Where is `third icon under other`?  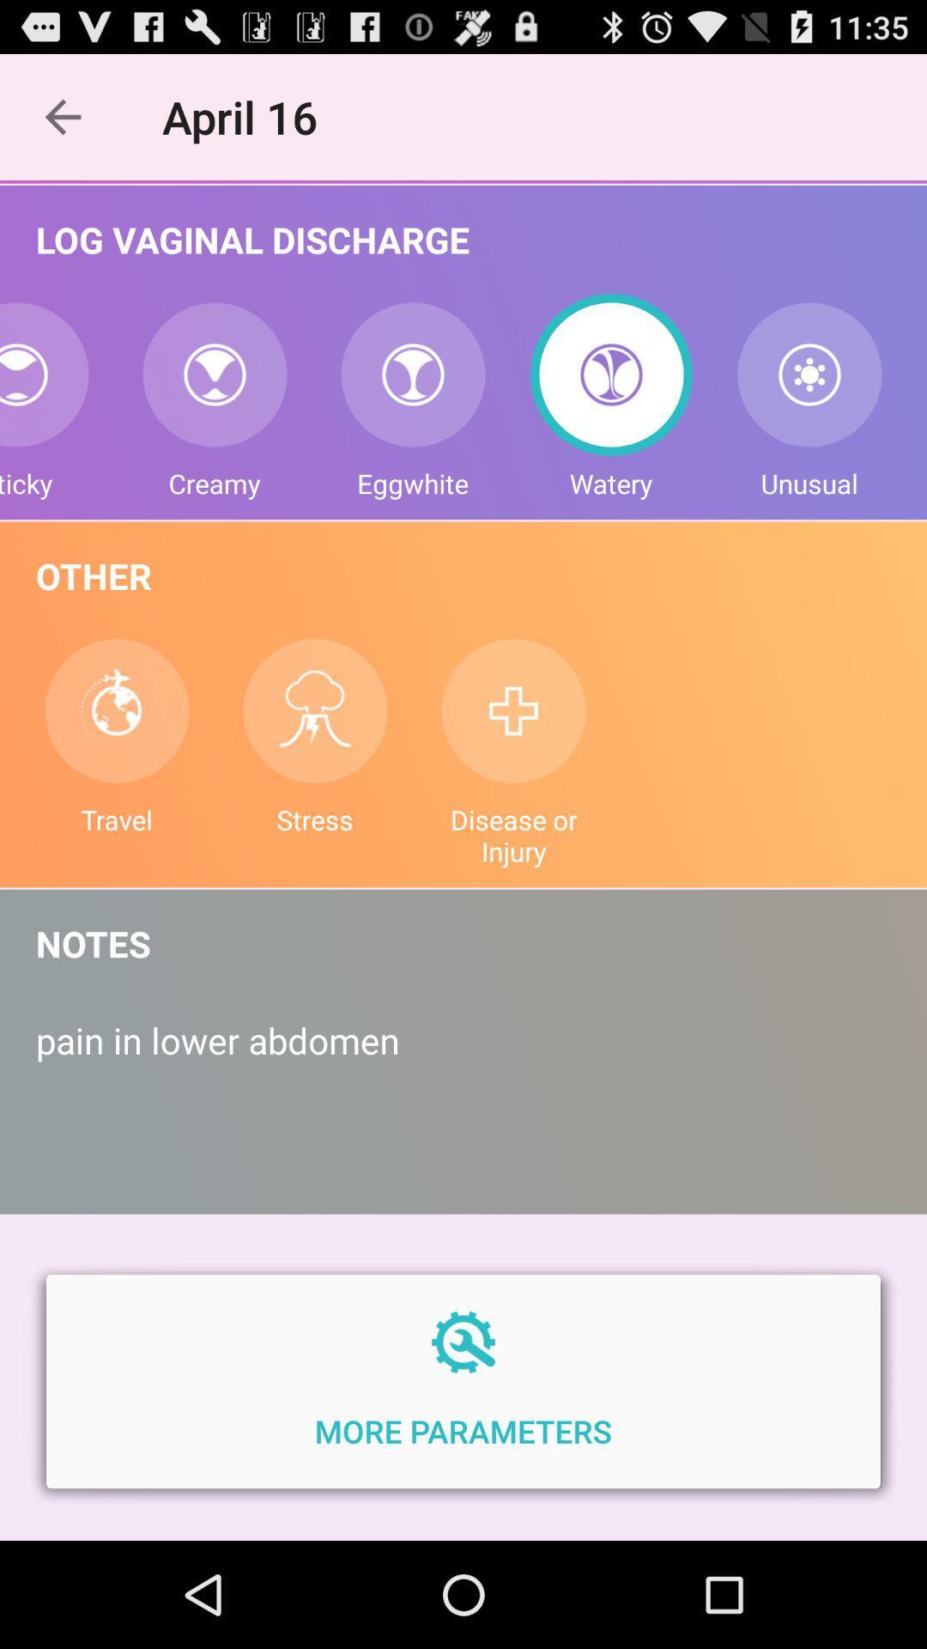 third icon under other is located at coordinates (512, 711).